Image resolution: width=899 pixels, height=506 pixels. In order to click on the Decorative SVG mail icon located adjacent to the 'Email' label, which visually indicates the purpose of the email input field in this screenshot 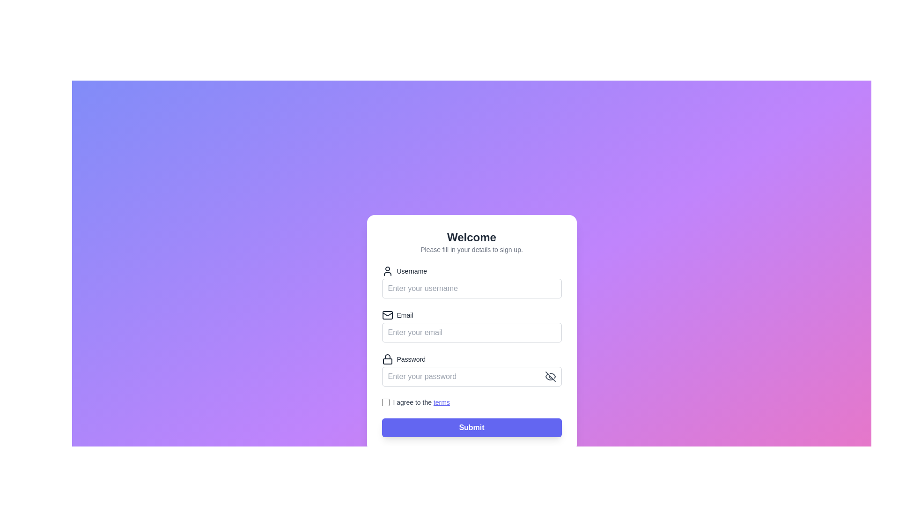, I will do `click(387, 315)`.